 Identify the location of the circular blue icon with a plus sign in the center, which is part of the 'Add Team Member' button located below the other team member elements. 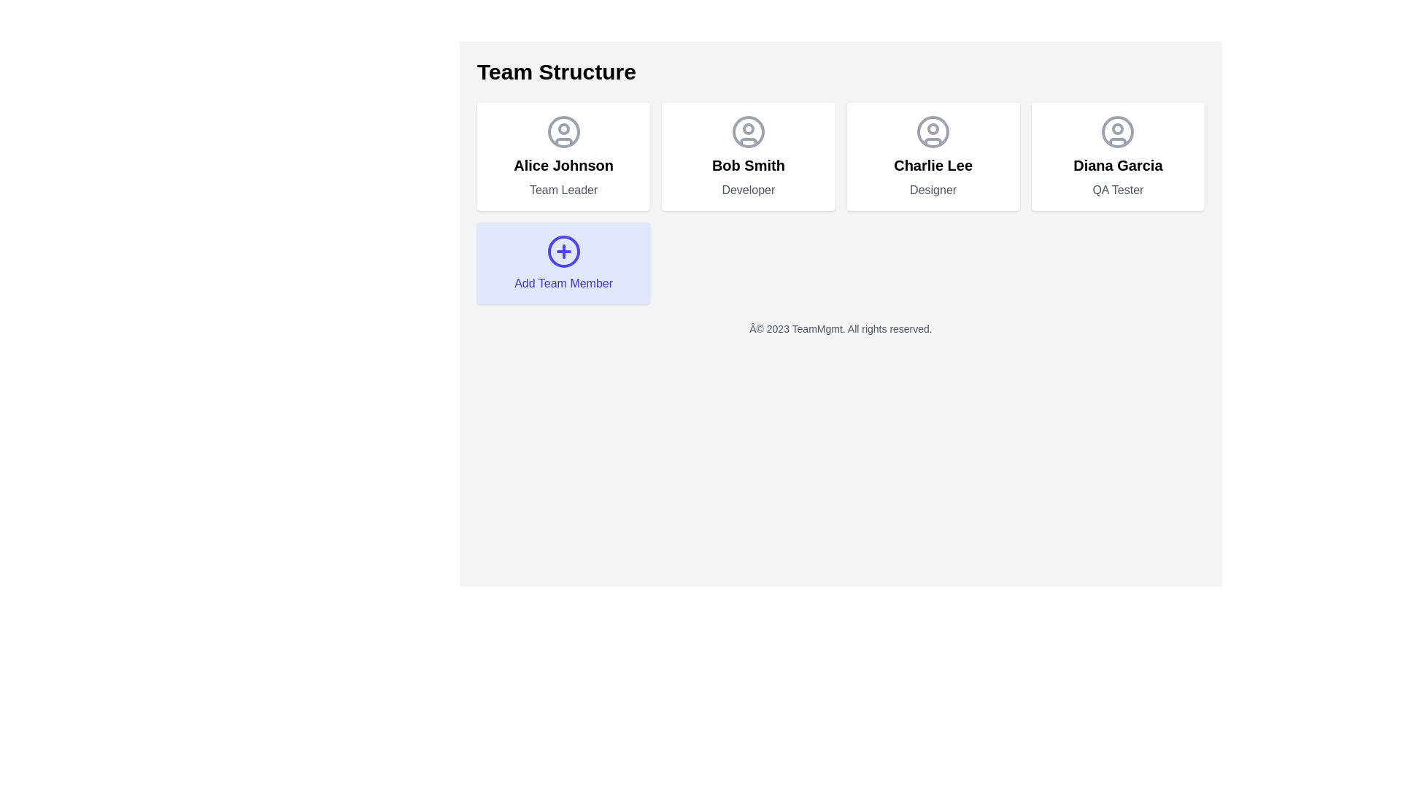
(563, 250).